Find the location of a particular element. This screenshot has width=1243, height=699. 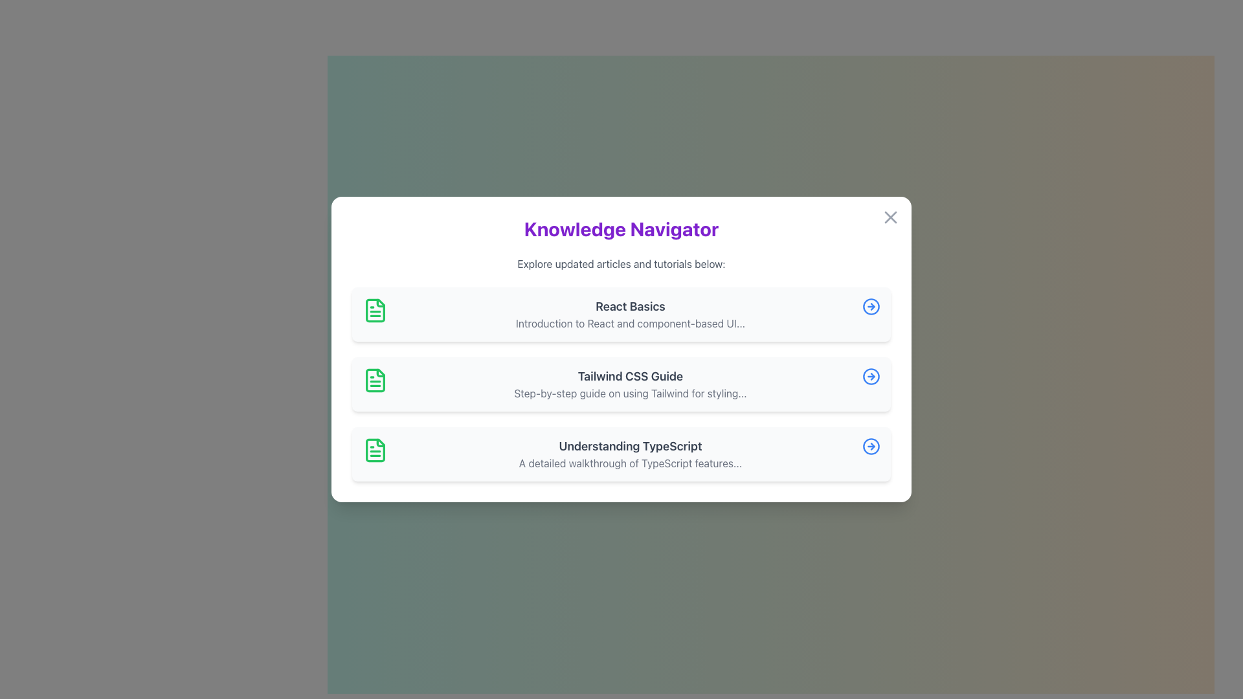

the close button located at the top-right corner of the modal is located at coordinates (890, 216).